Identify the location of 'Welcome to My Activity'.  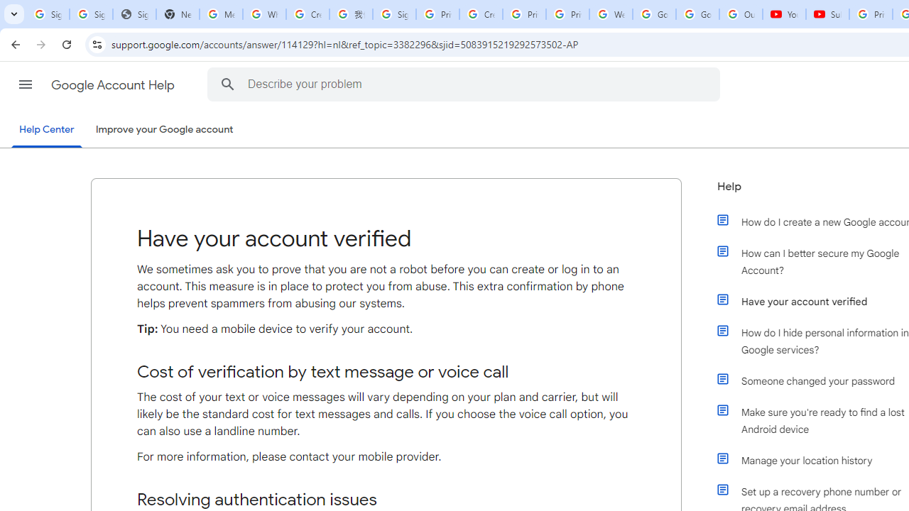
(611, 14).